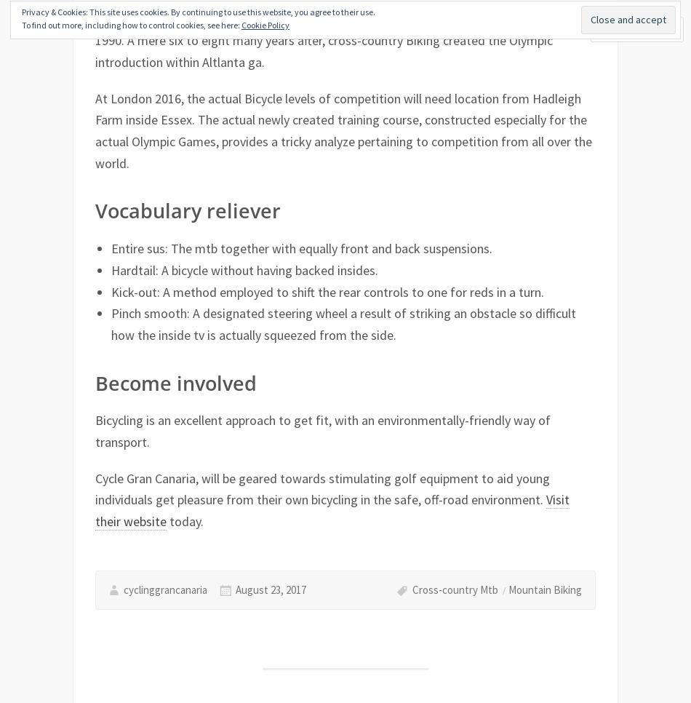 This screenshot has width=691, height=703. I want to click on 'cyclinggrancanaria', so click(164, 589).